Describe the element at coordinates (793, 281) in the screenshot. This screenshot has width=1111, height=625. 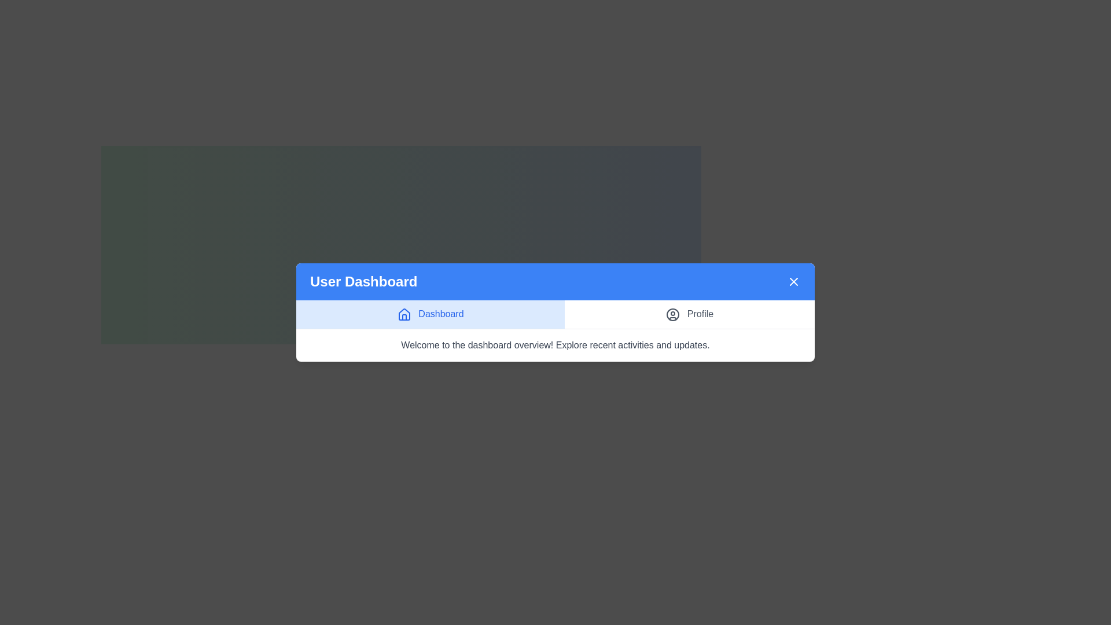
I see `the 'X' icon located in the top-right corner of the blue navigation bar` at that location.